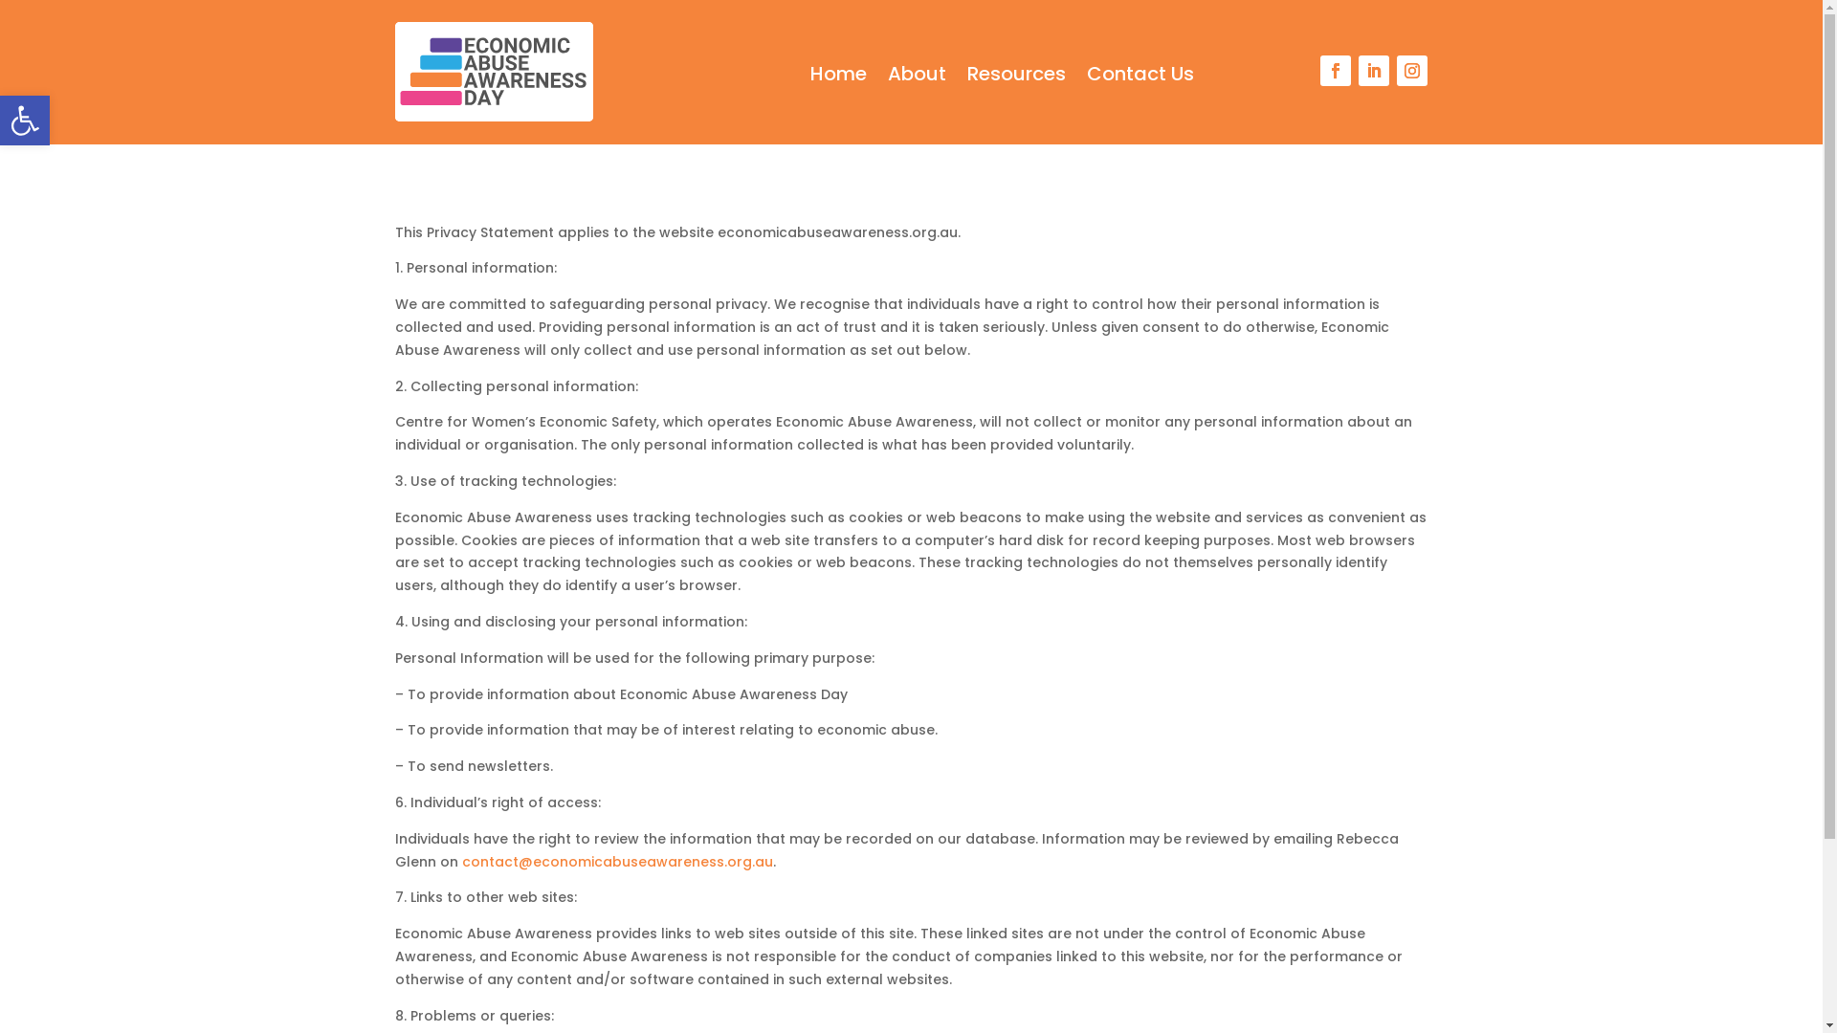 The width and height of the screenshot is (1837, 1033). What do you see at coordinates (1396, 69) in the screenshot?
I see `'Follow on Instagram'` at bounding box center [1396, 69].